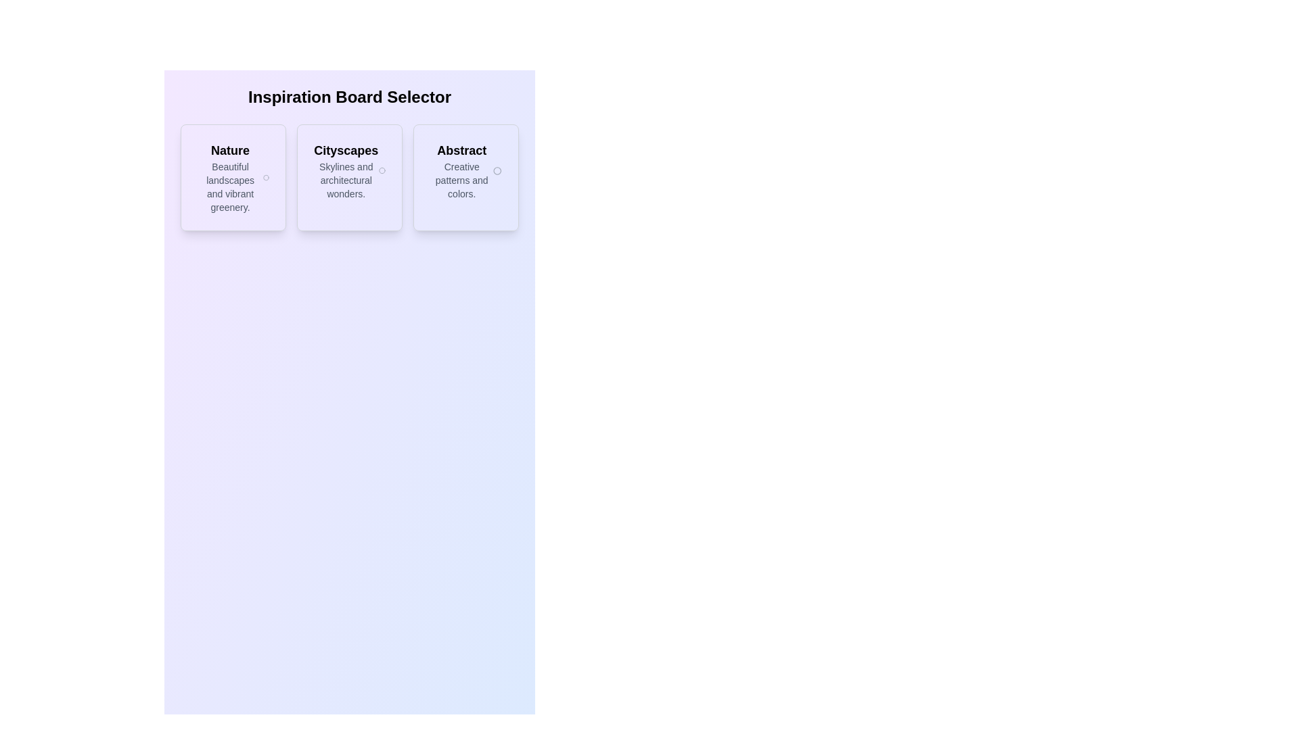 Image resolution: width=1299 pixels, height=730 pixels. I want to click on the text label that provides a descriptive caption for the 'Abstract' card located in the 'Inspiration Board Selector' interface, positioned below the title 'Abstract.', so click(461, 179).